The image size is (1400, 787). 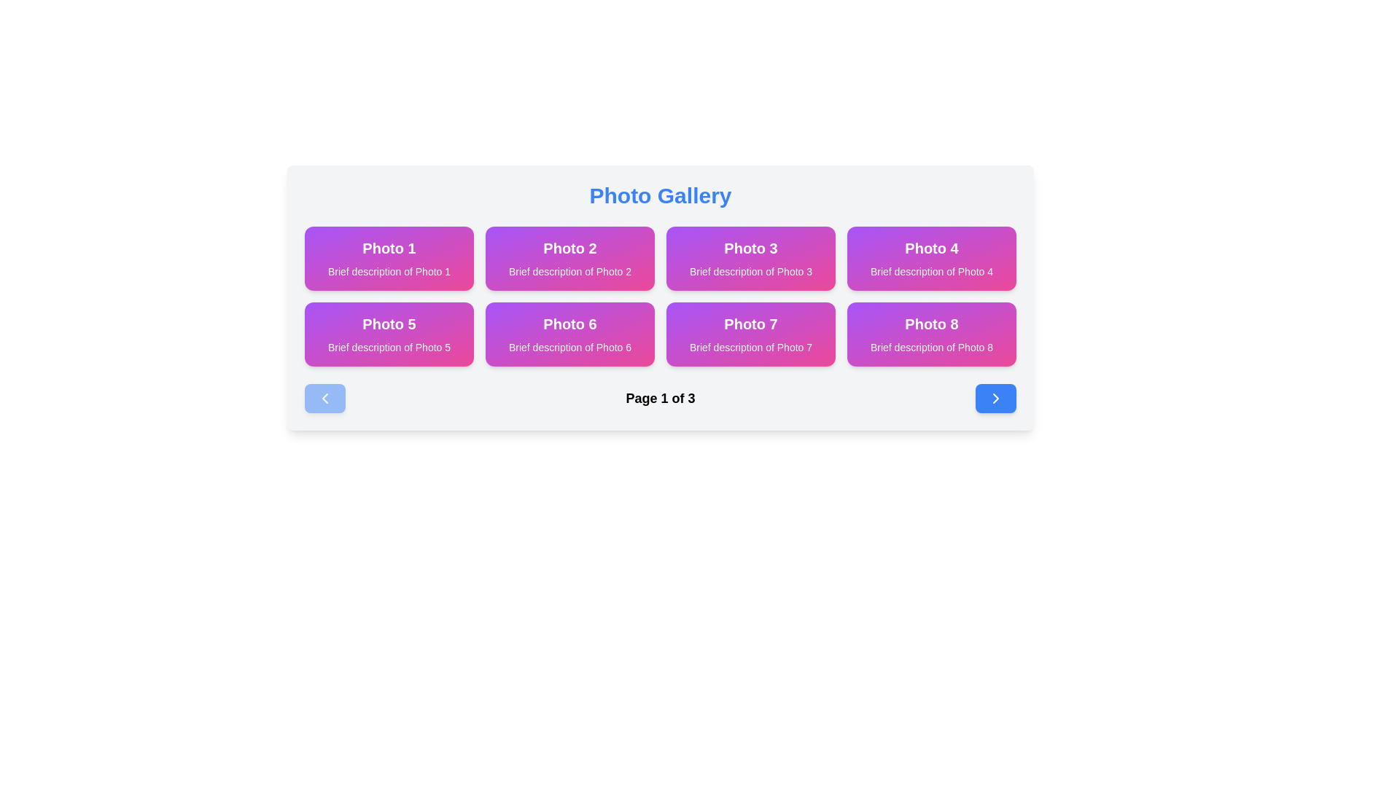 I want to click on text content of the small text area labeled 'Brief description of Photo 4', which is located below the title 'Photo 4' in a card with a gradient pink to purple background, so click(x=930, y=272).